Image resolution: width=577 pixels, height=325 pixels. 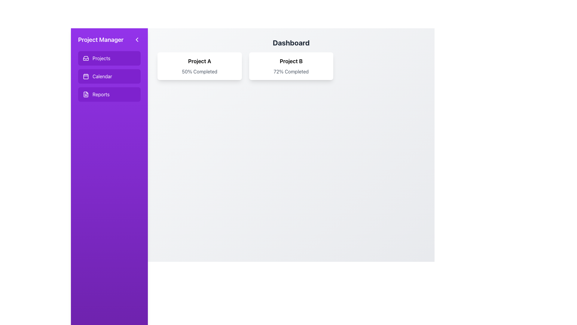 What do you see at coordinates (109, 39) in the screenshot?
I see `the 'Project Manager' heading in the sidebar` at bounding box center [109, 39].